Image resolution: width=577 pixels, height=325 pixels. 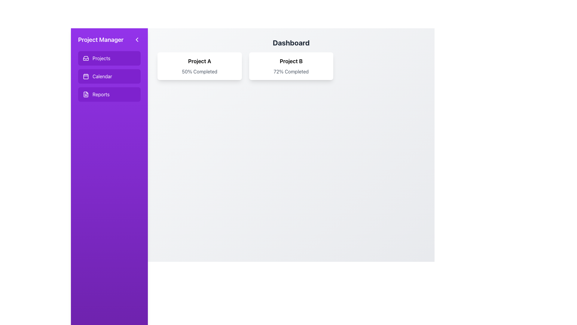 What do you see at coordinates (109, 39) in the screenshot?
I see `the 'Project Manager' heading in the sidebar` at bounding box center [109, 39].